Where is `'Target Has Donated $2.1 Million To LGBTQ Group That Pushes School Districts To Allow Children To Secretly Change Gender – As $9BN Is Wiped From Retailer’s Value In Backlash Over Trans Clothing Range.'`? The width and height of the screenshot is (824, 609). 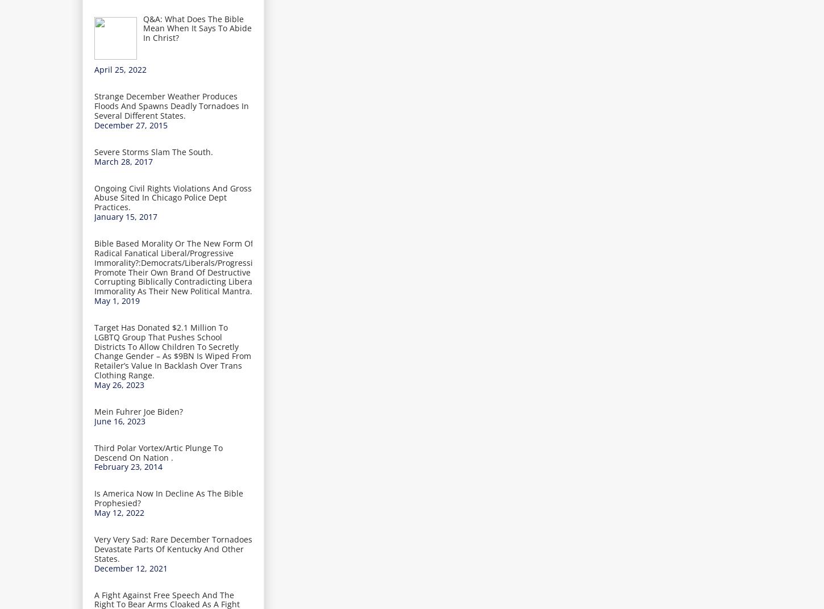 'Target Has Donated $2.1 Million To LGBTQ Group That Pushes School Districts To Allow Children To Secretly Change Gender – As $9BN Is Wiped From Retailer’s Value In Backlash Over Trans Clothing Range.' is located at coordinates (173, 351).